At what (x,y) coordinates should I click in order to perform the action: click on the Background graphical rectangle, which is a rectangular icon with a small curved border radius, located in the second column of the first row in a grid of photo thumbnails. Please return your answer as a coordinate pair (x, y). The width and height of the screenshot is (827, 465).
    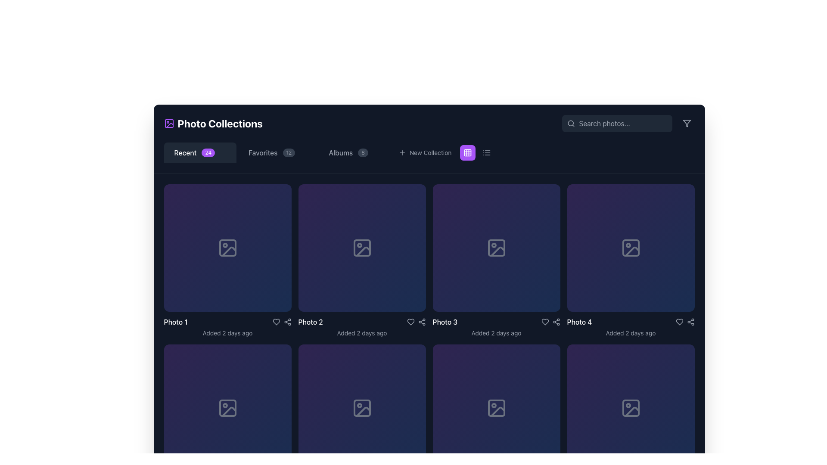
    Looking at the image, I should click on (362, 248).